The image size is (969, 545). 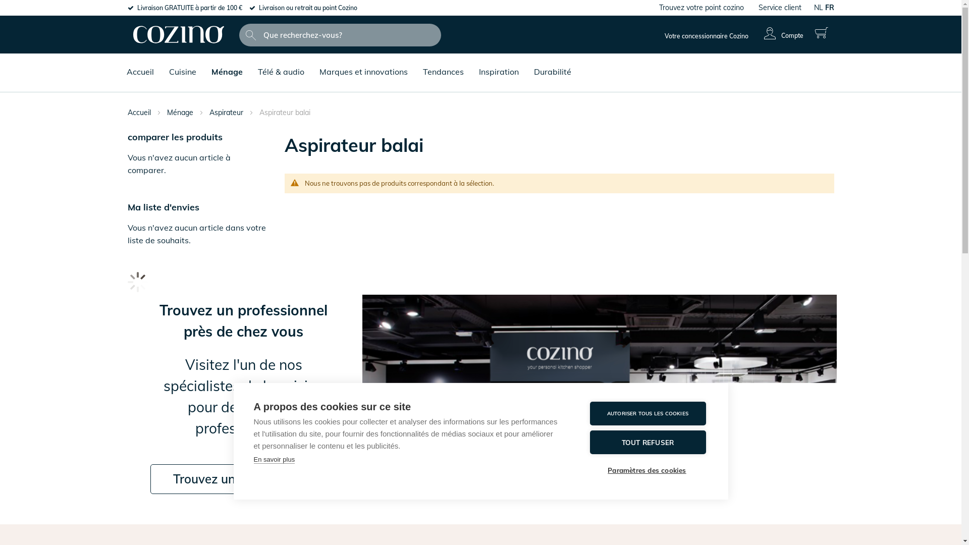 I want to click on 'NL', so click(x=818, y=8).